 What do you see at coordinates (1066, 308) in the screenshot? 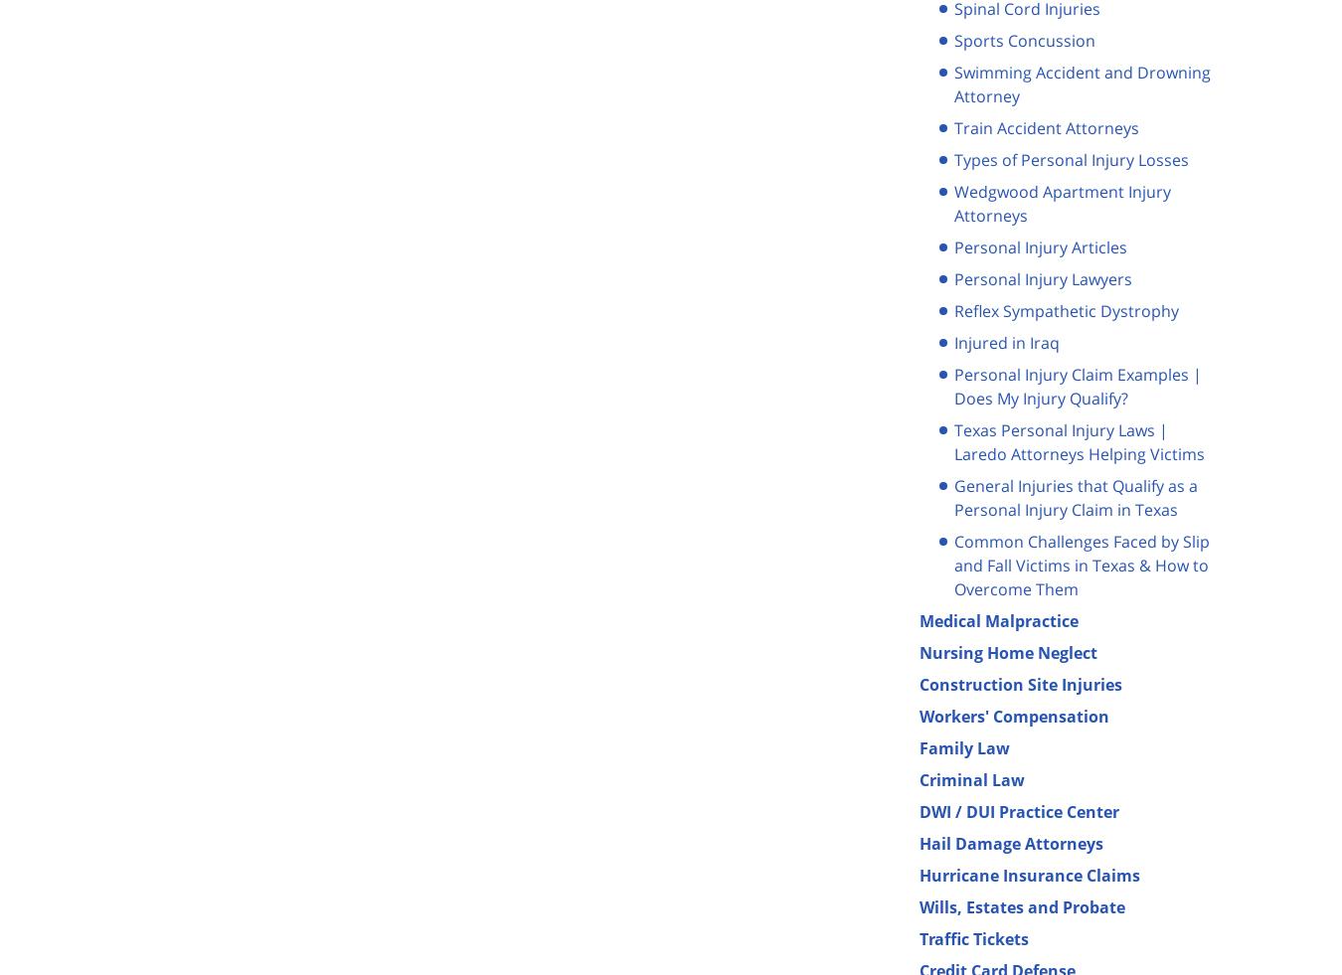
I see `'Reflex Sympathetic Dystrophy'` at bounding box center [1066, 308].